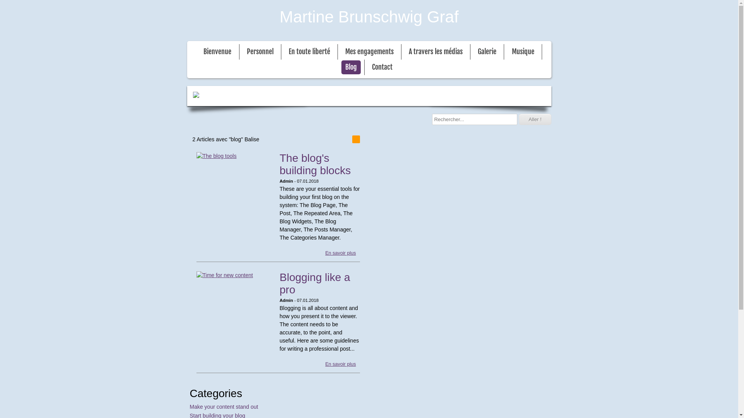  What do you see at coordinates (474, 52) in the screenshot?
I see `'Galerie'` at bounding box center [474, 52].